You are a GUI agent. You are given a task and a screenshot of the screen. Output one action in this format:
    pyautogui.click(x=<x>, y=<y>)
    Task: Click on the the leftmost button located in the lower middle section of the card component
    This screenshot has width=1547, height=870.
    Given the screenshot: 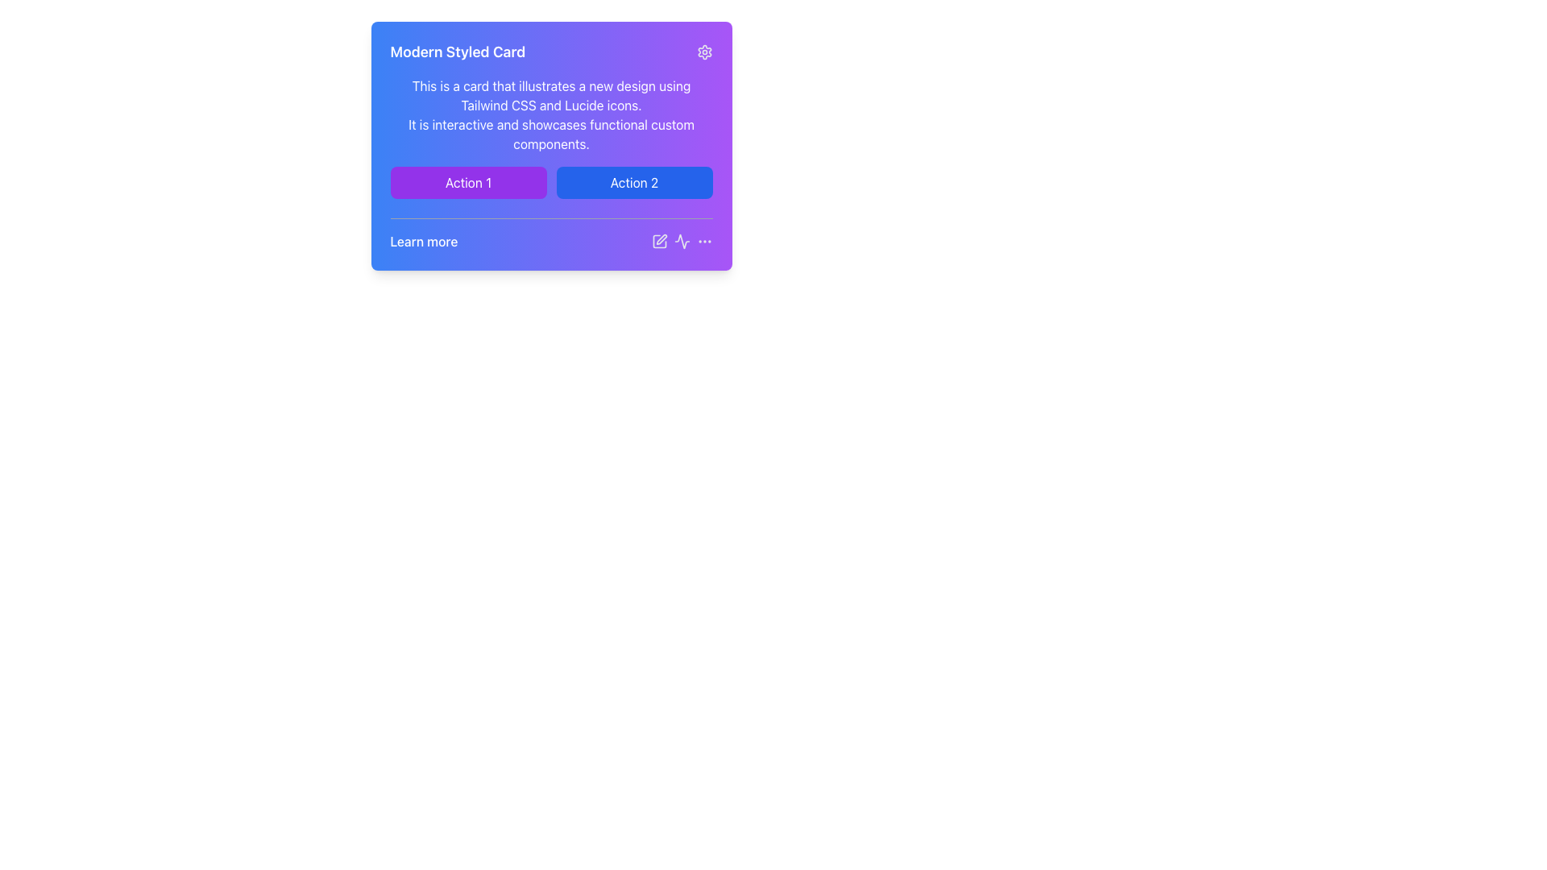 What is the action you would take?
    pyautogui.click(x=467, y=182)
    